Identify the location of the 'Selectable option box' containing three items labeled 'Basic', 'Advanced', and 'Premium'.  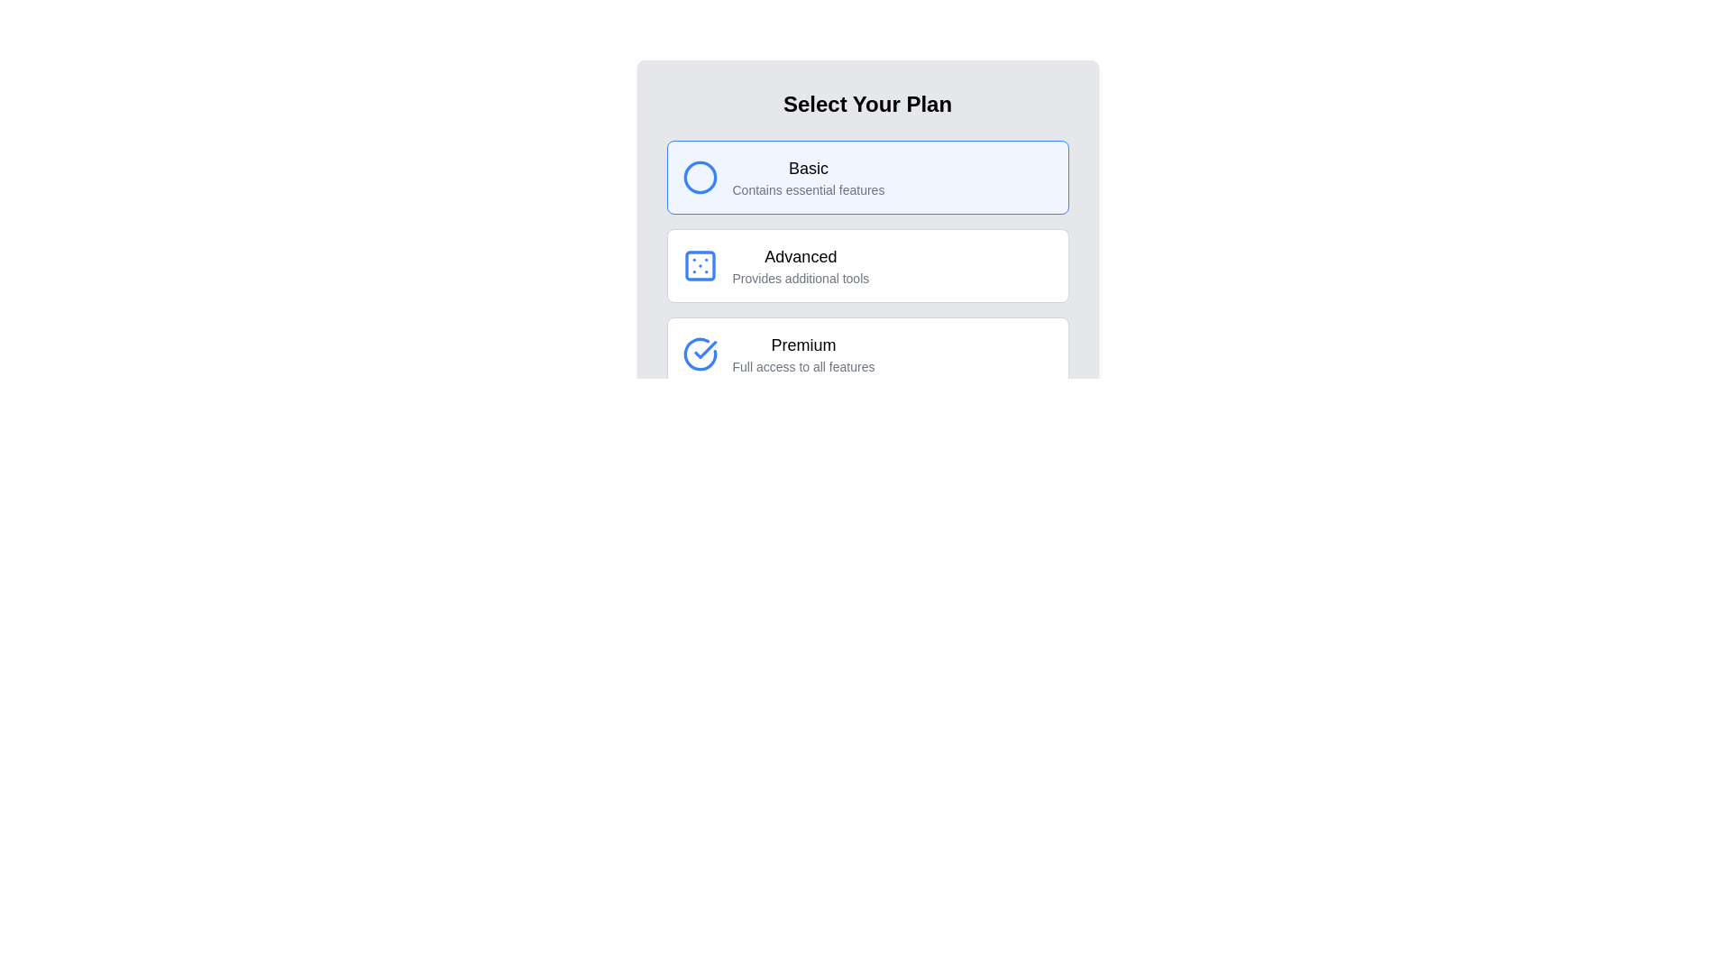
(867, 265).